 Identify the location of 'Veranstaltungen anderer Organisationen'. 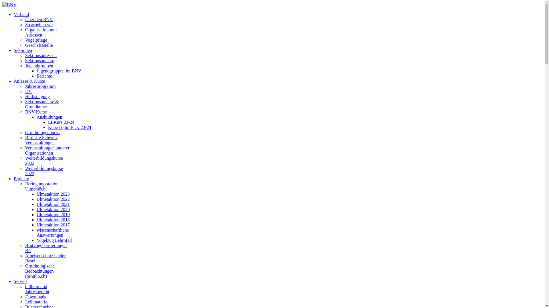
(47, 150).